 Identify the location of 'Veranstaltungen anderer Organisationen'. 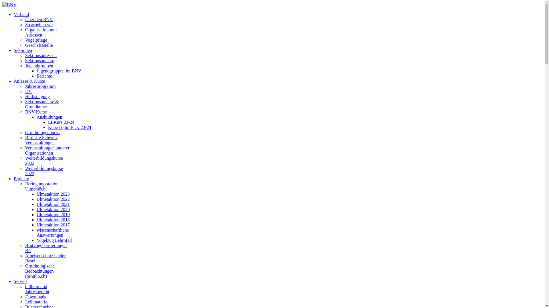
(47, 150).